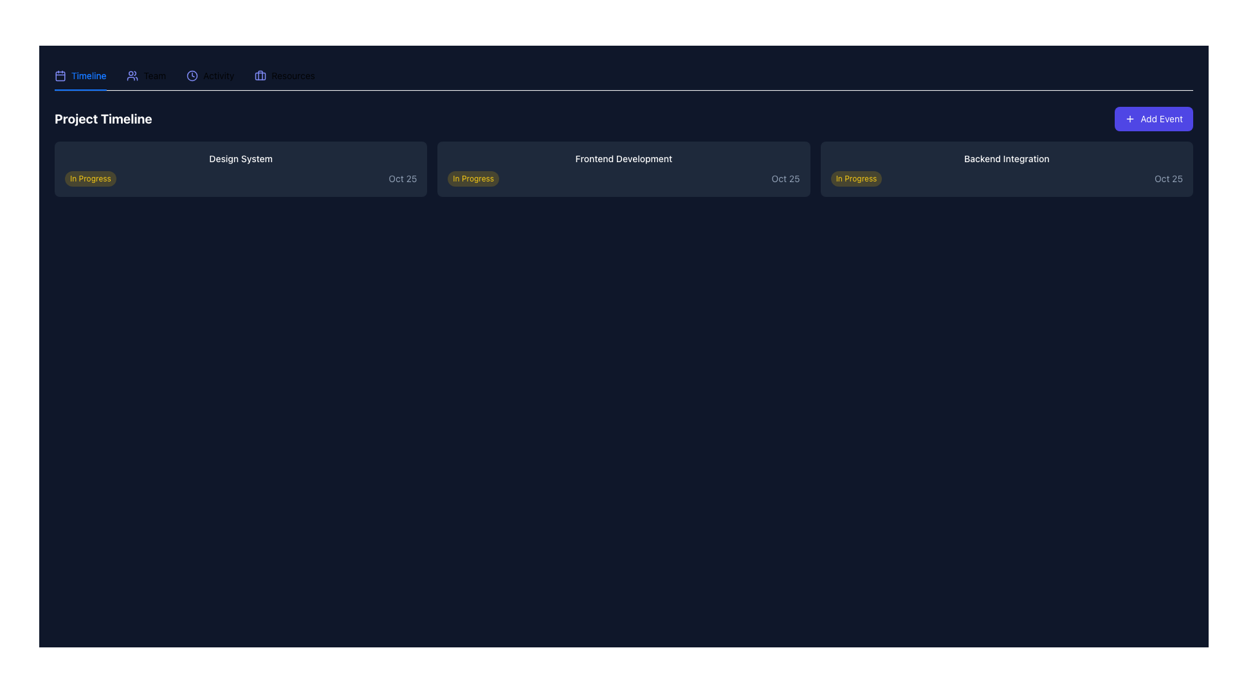 The image size is (1235, 695). What do you see at coordinates (856, 178) in the screenshot?
I see `the status indicated by the small pill-shaped label with a yellow background that reads 'In Progress', located inside the 'Backend Integration' segment, positioned towards the left side adjacent to 'Oct 25'` at bounding box center [856, 178].